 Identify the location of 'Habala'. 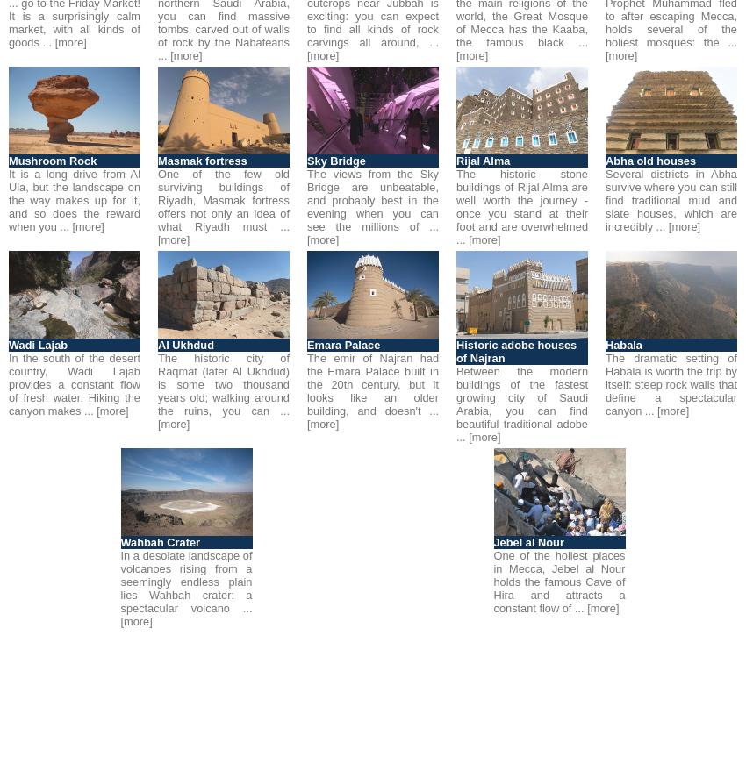
(605, 345).